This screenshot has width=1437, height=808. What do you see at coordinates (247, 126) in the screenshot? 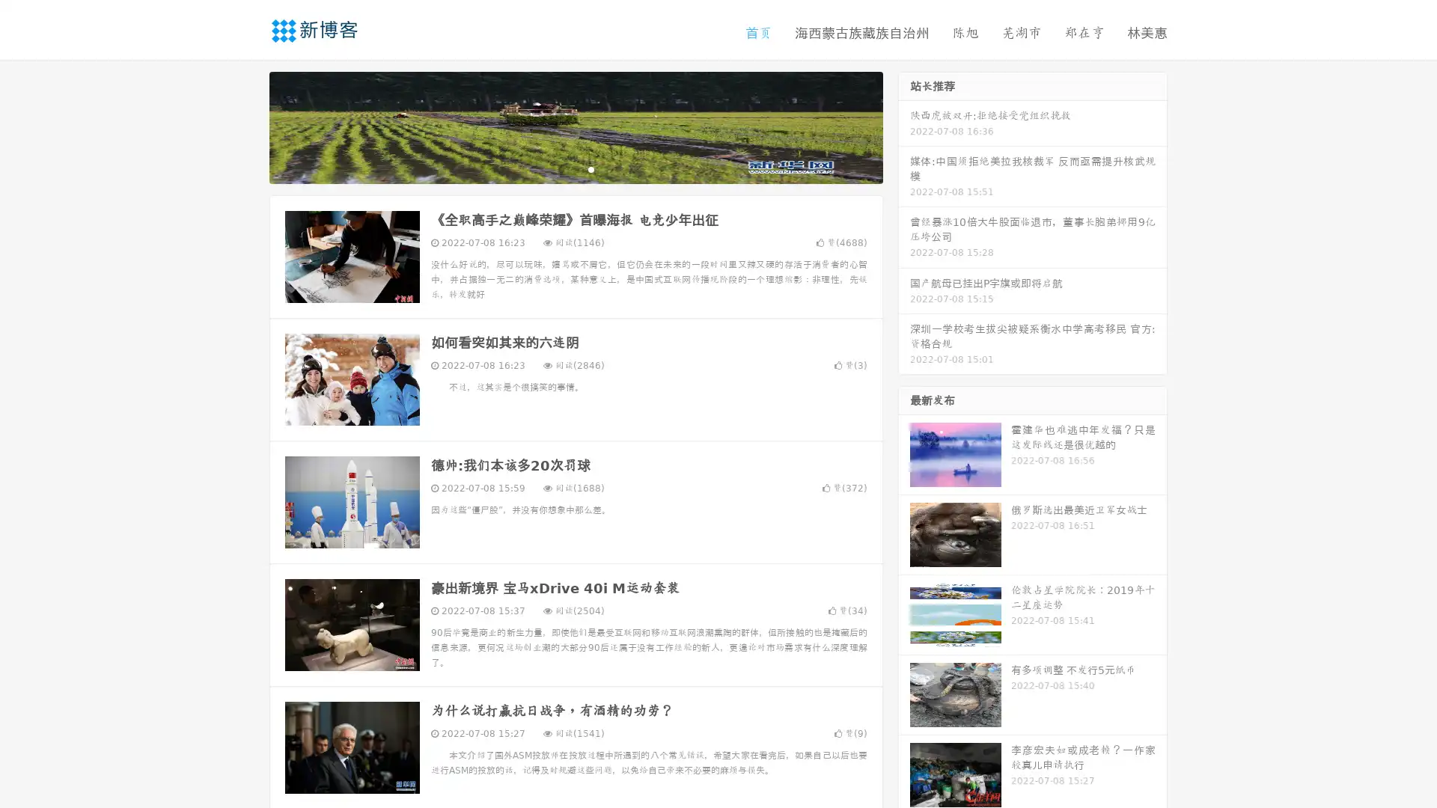
I see `Previous slide` at bounding box center [247, 126].